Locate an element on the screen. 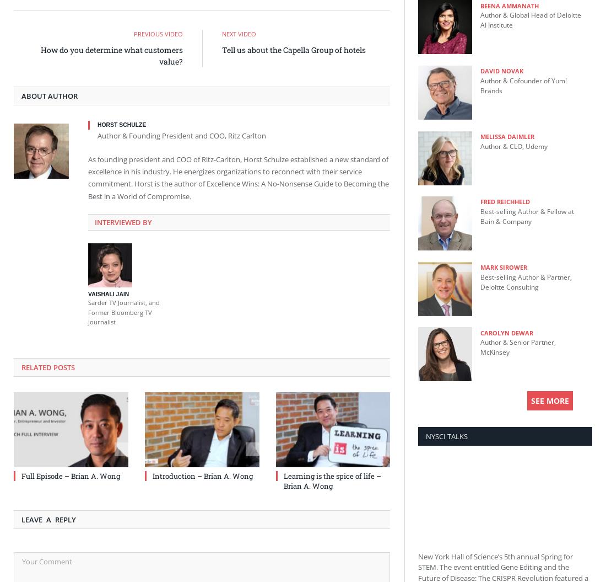 Image resolution: width=606 pixels, height=582 pixels. 'Previous Video' is located at coordinates (157, 33).